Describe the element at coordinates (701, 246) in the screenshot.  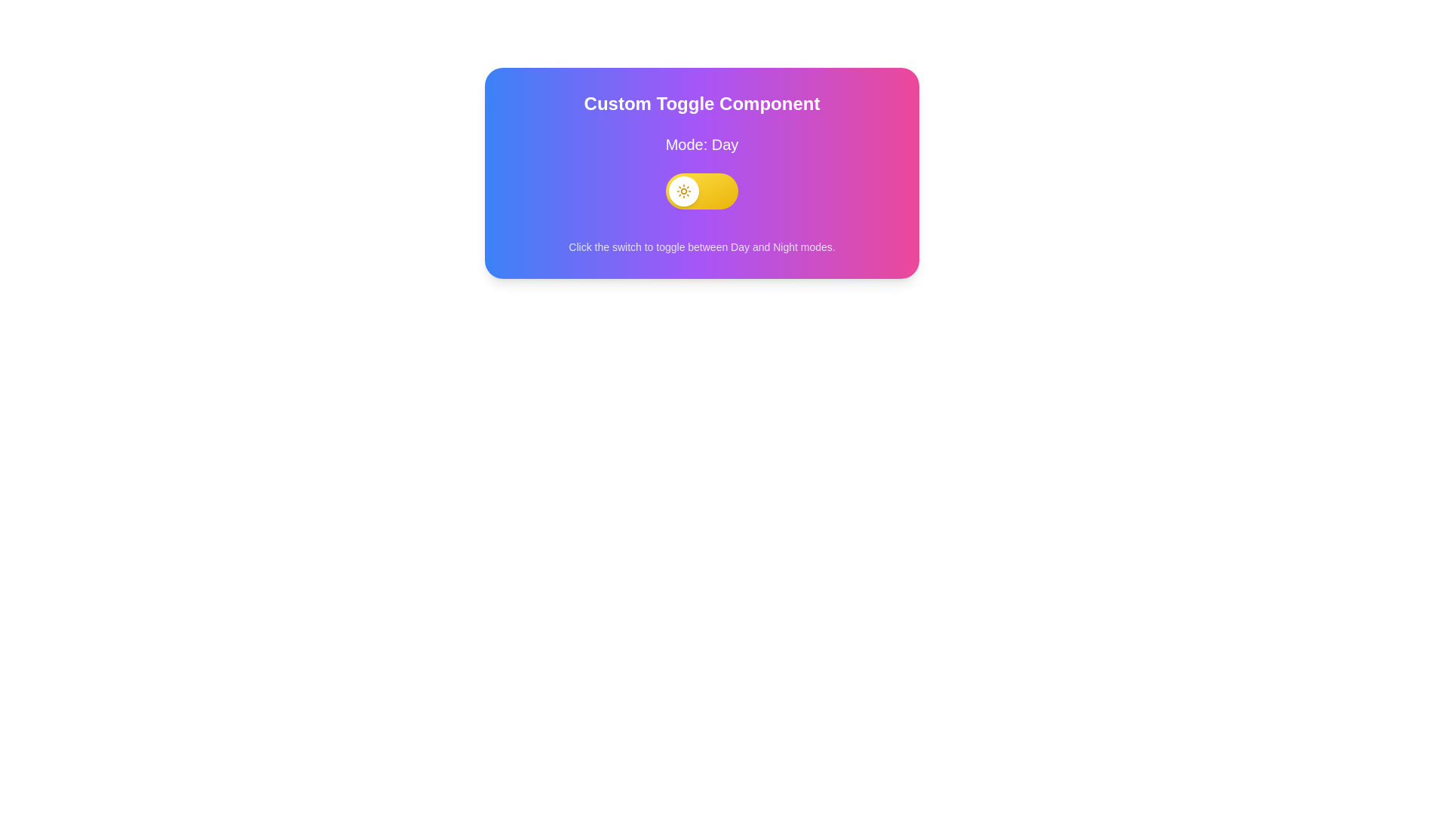
I see `instructions displayed in the text label that says 'Click the switch to toggle between Day and Night modes.'` at that location.